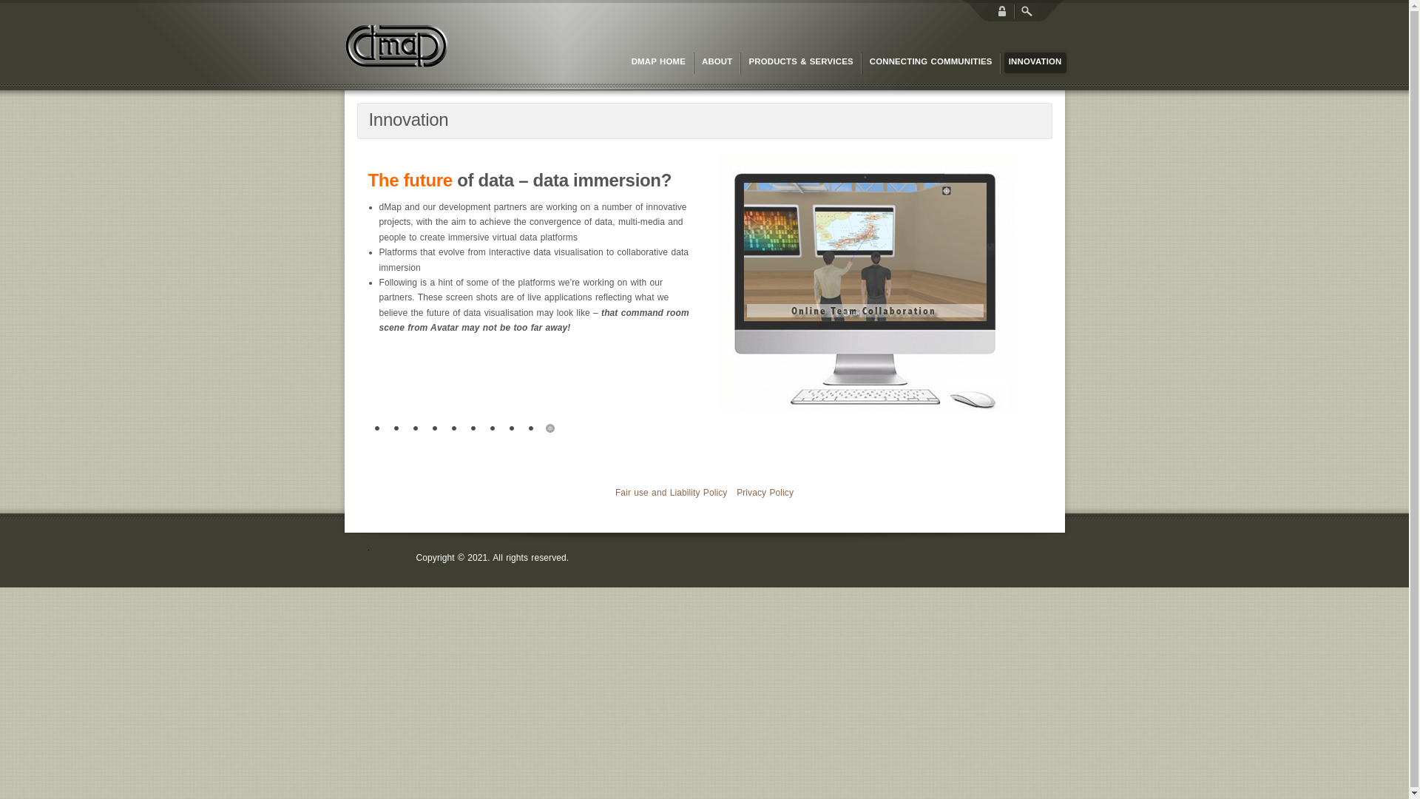 The image size is (1420, 799). What do you see at coordinates (696, 61) in the screenshot?
I see `'ABOUT'` at bounding box center [696, 61].